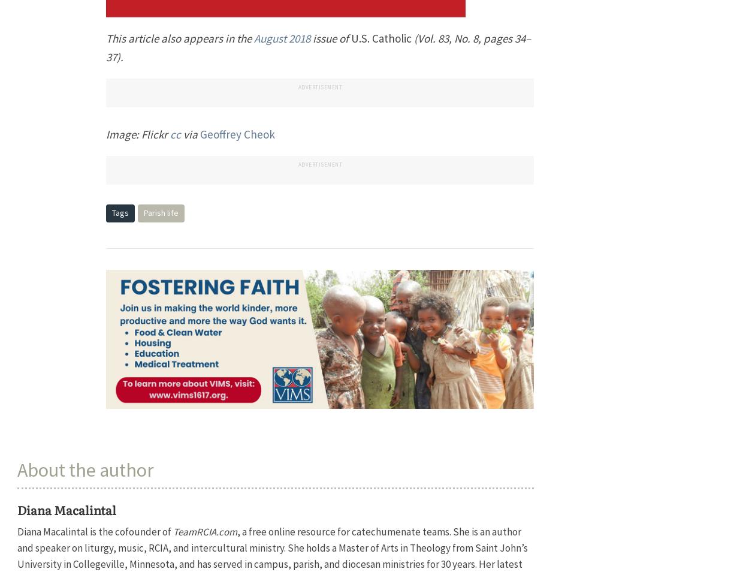  Describe the element at coordinates (381, 38) in the screenshot. I see `'U.S. Catholic'` at that location.